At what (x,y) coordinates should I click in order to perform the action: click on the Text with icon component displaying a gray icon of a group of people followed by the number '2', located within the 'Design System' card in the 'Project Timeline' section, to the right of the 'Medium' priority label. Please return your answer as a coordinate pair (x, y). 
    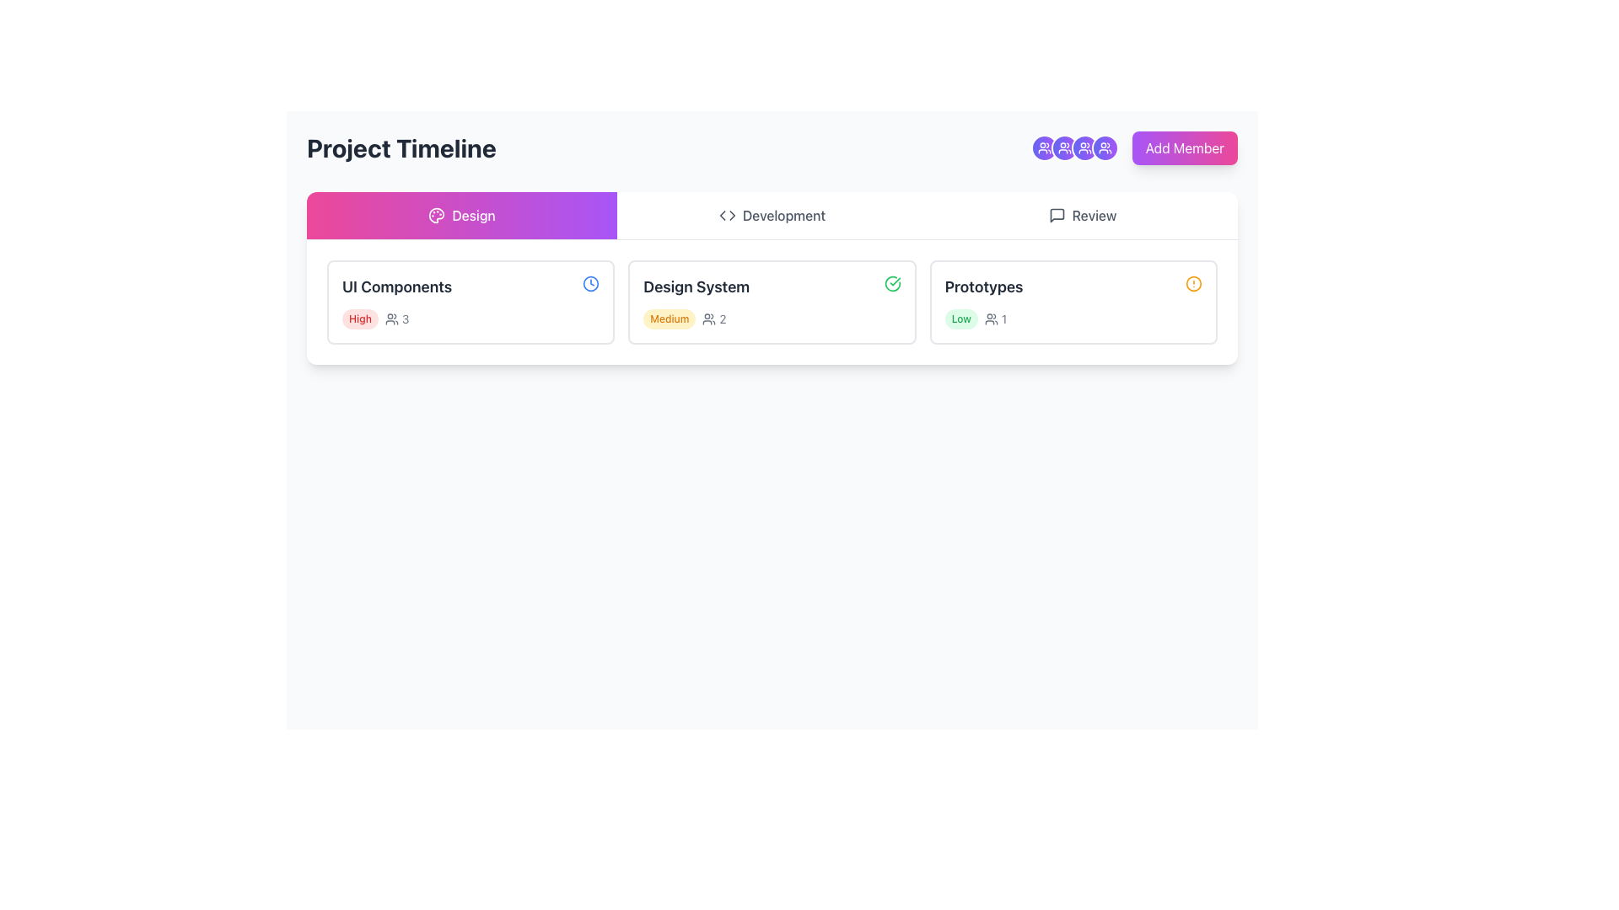
    Looking at the image, I should click on (714, 318).